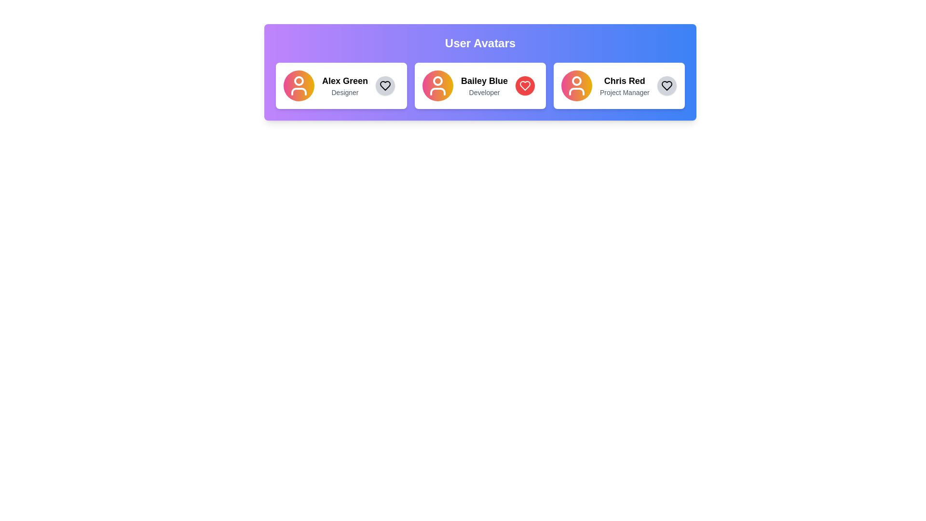  Describe the element at coordinates (298, 81) in the screenshot. I see `the decorative graphical element resembling the head in the user icon for 'Alex Green', positioned at the upper part of the leftmost user avatar` at that location.